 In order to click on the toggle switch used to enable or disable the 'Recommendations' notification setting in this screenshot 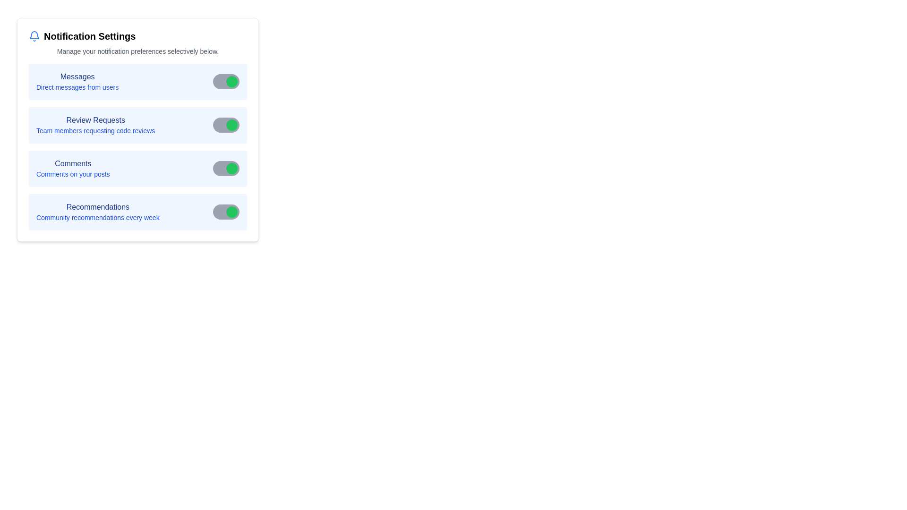, I will do `click(226, 211)`.